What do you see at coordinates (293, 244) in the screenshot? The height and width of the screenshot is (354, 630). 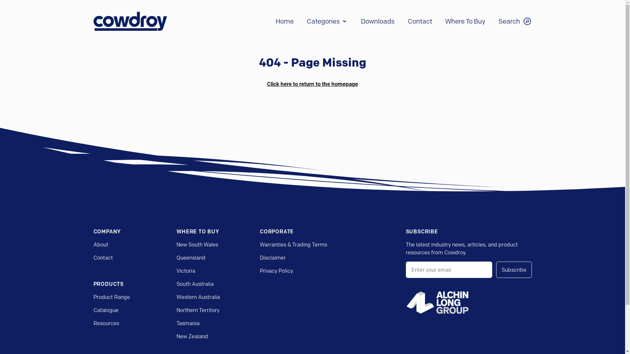 I see `'Warranties & Trading Terms'` at bounding box center [293, 244].